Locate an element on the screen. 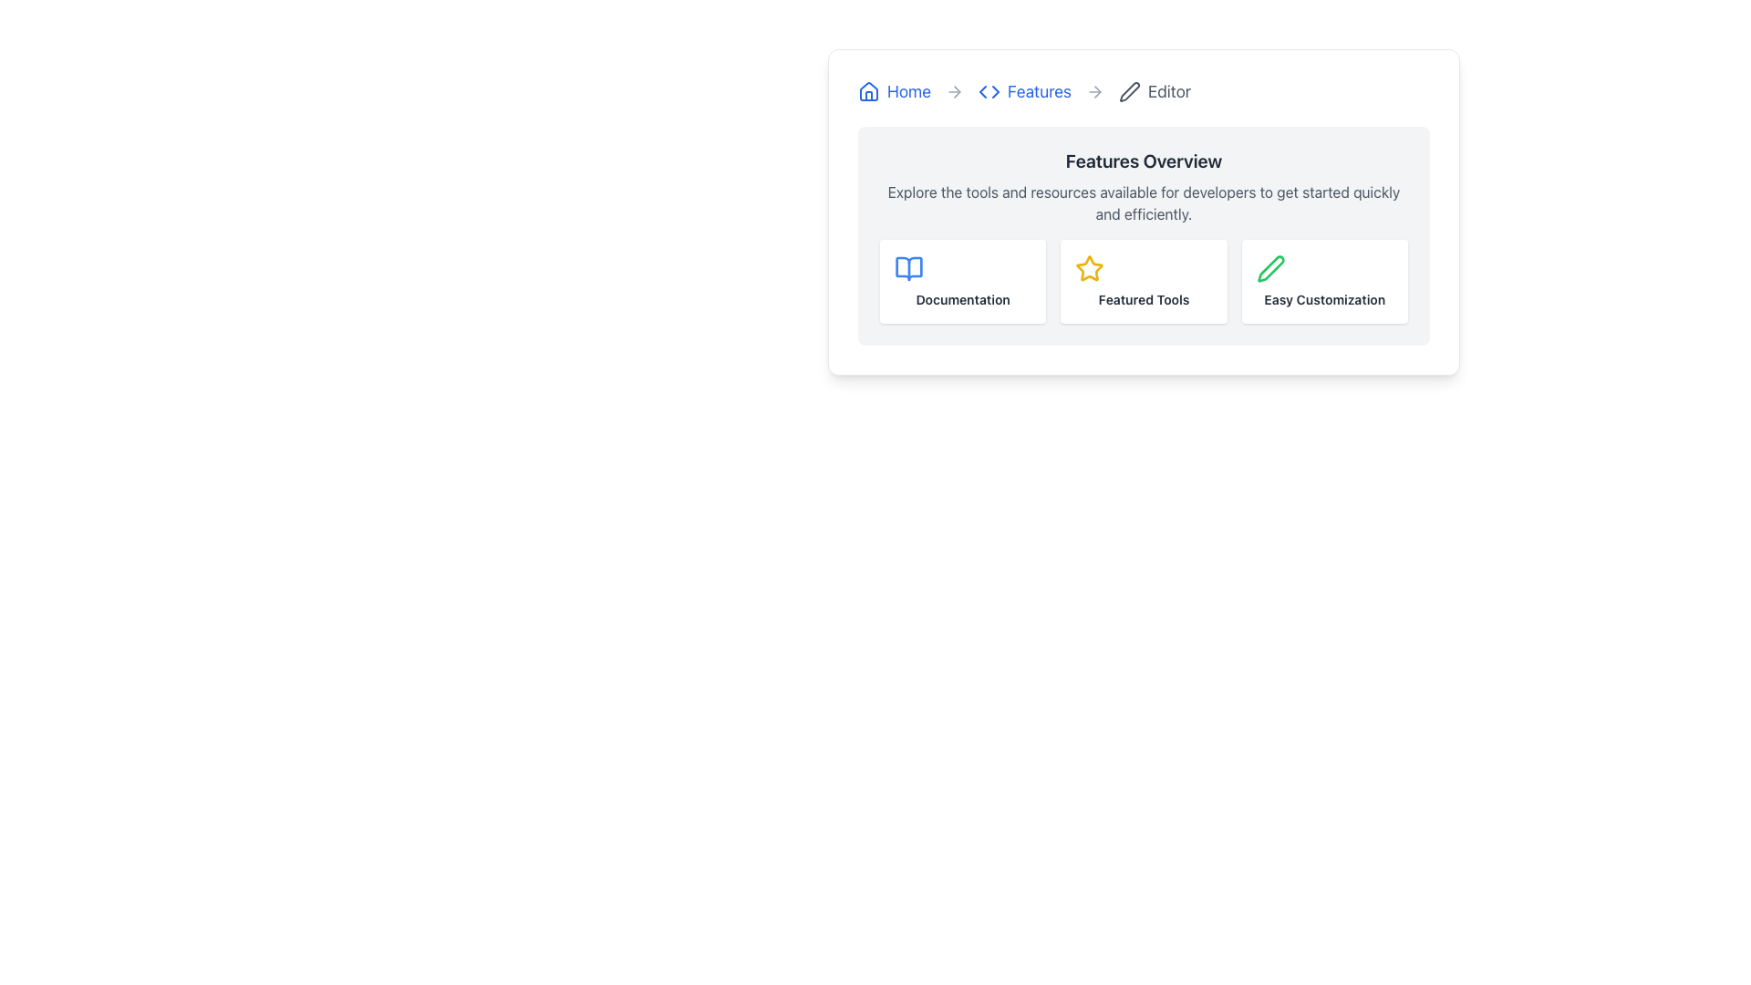 The width and height of the screenshot is (1751, 985). the open book icon, which is located above the 'Documentation' label on a white card with shadows in the central-left section of the layout is located at coordinates (909, 268).